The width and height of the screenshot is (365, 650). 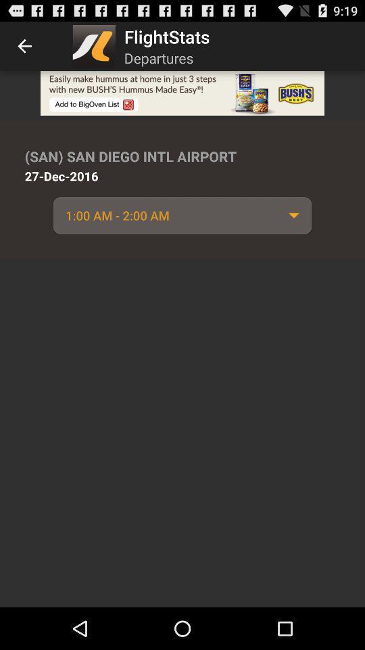 I want to click on advertisement image, so click(x=182, y=92).